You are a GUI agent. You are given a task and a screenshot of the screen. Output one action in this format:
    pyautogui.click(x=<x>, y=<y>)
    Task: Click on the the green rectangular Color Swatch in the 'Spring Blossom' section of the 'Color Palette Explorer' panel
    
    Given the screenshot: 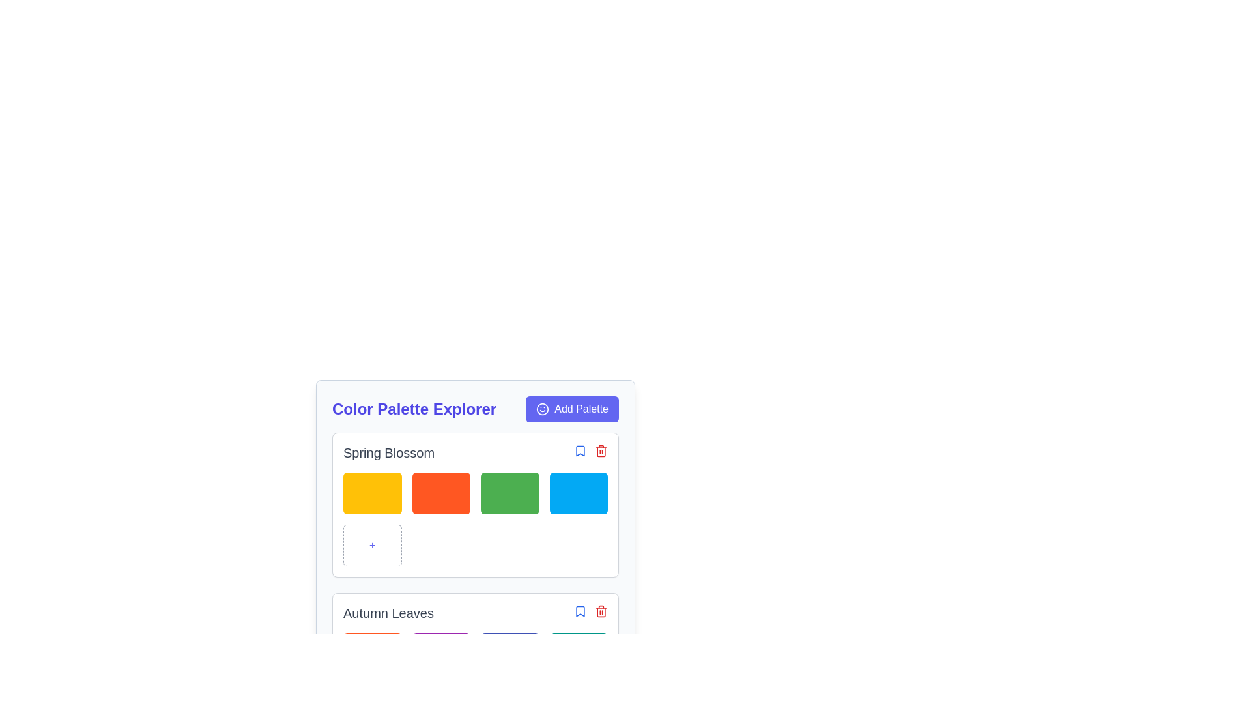 What is the action you would take?
    pyautogui.click(x=509, y=493)
    